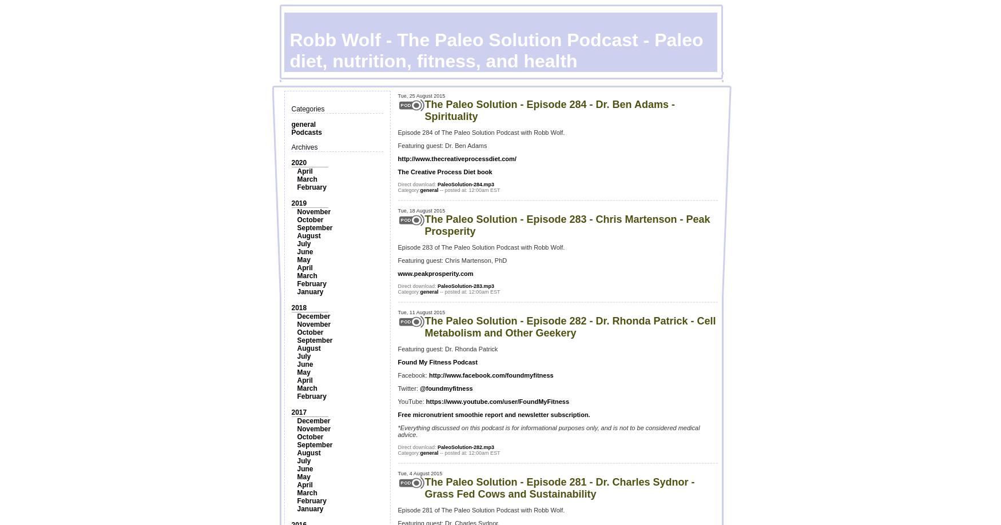 Image resolution: width=1001 pixels, height=525 pixels. I want to click on 'The Paleo Solution - Episode 281 - Dr. Charles Sydnor - Grass Fed Cows and Sustainability', so click(424, 487).